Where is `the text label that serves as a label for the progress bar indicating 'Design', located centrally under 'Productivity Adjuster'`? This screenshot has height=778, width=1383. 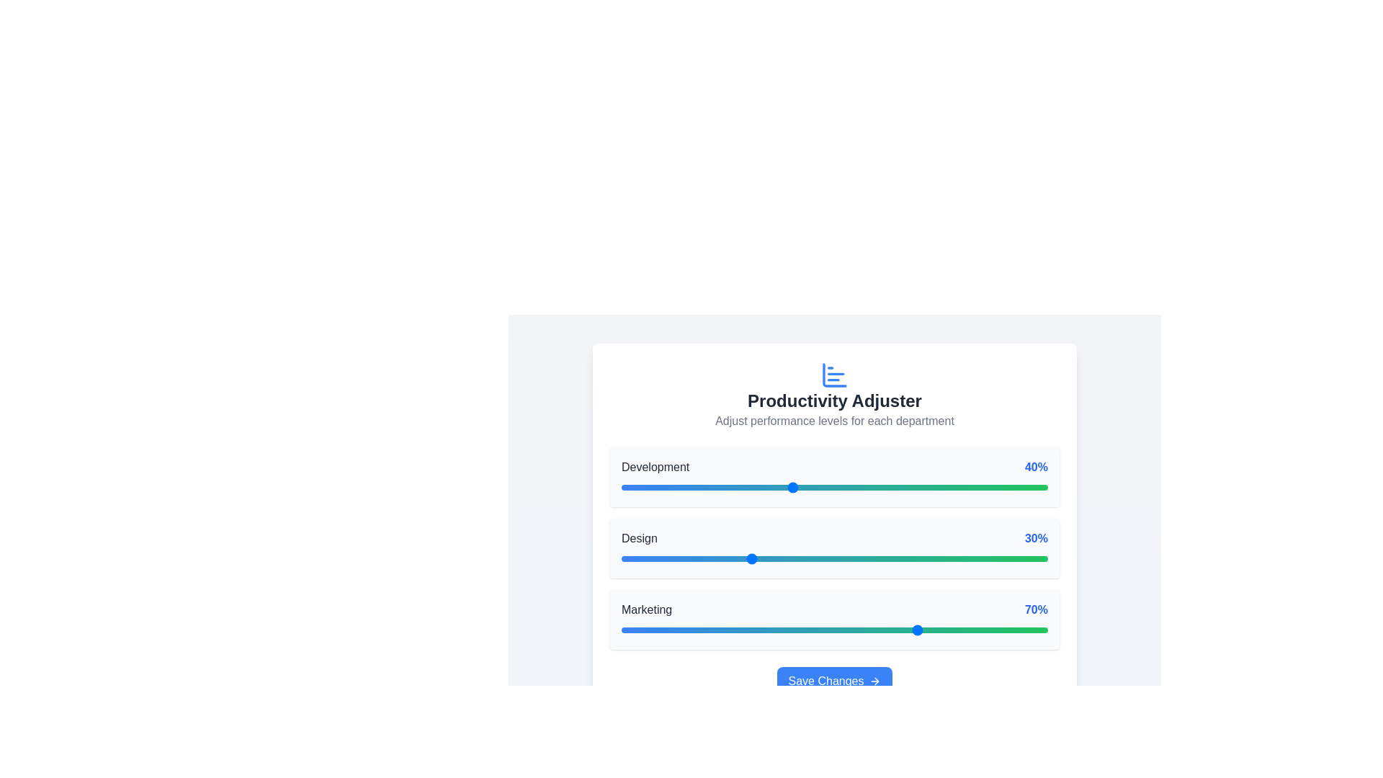 the text label that serves as a label for the progress bar indicating 'Design', located centrally under 'Productivity Adjuster' is located at coordinates (639, 539).